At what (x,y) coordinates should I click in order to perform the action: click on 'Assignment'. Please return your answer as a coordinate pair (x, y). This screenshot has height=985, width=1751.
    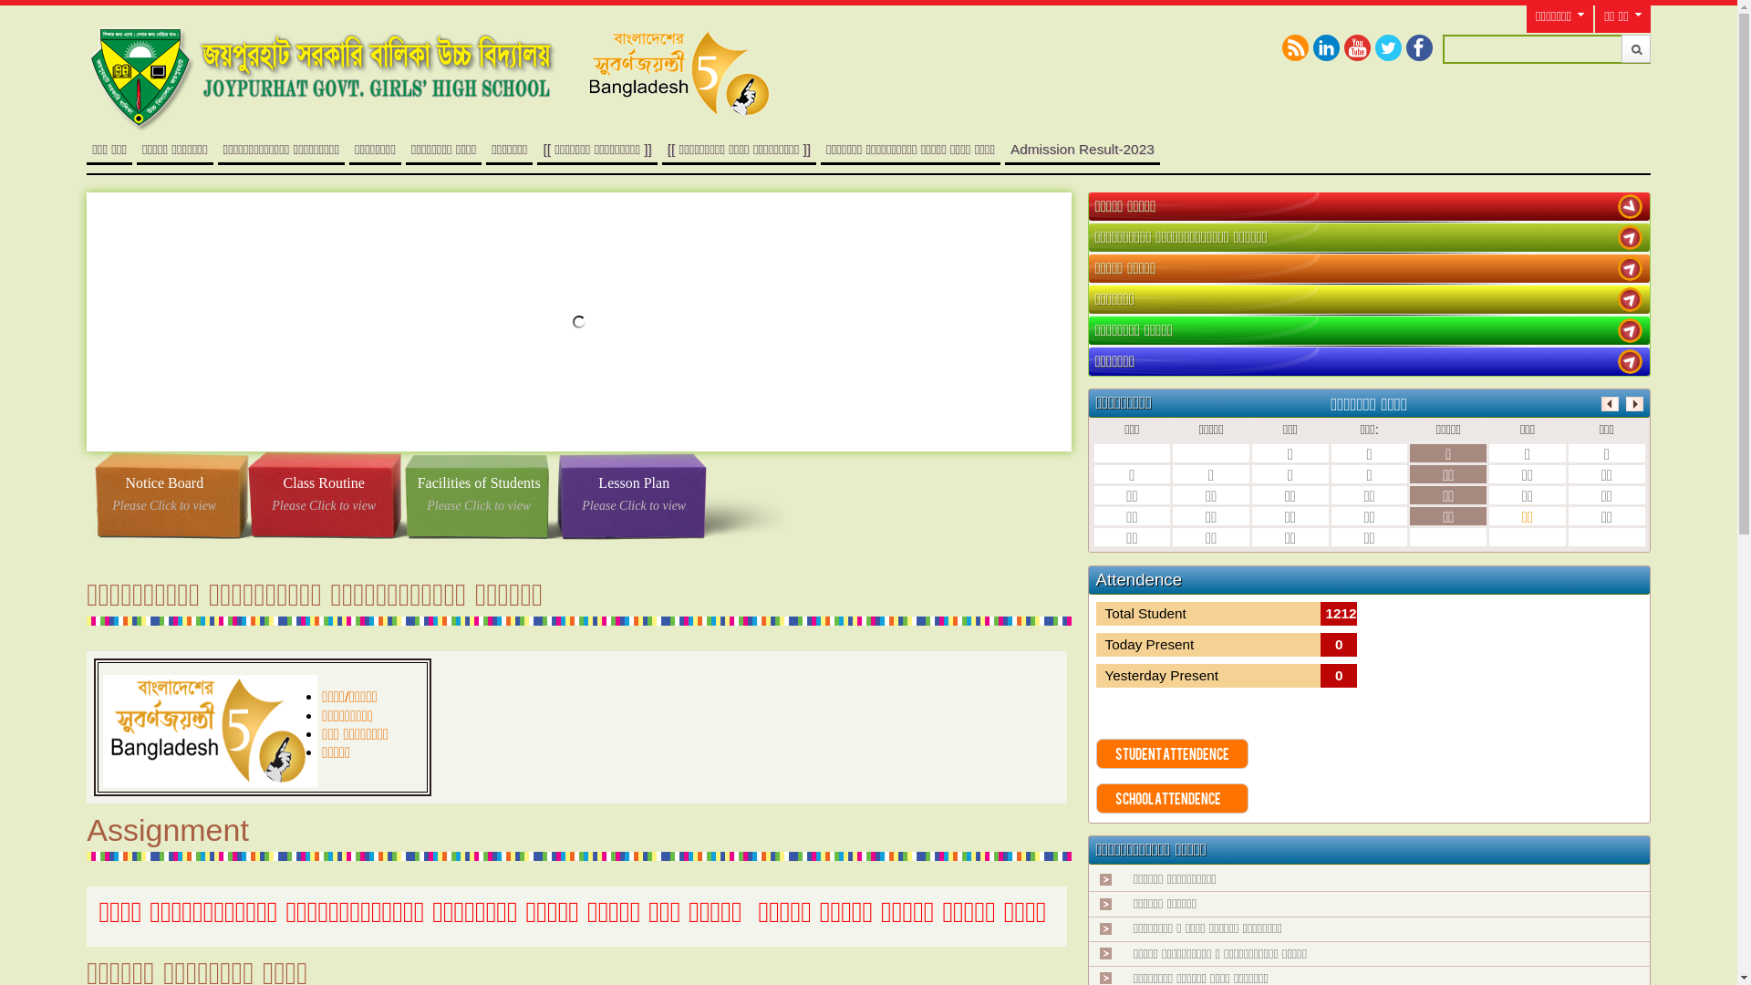
    Looking at the image, I should click on (167, 830).